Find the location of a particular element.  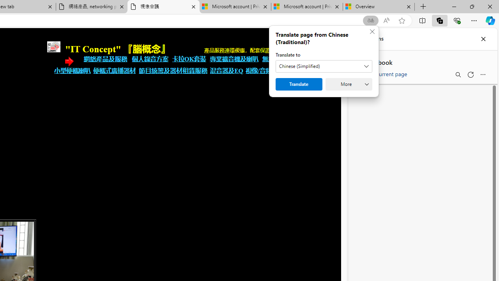

'Add current page' is located at coordinates (383, 73).